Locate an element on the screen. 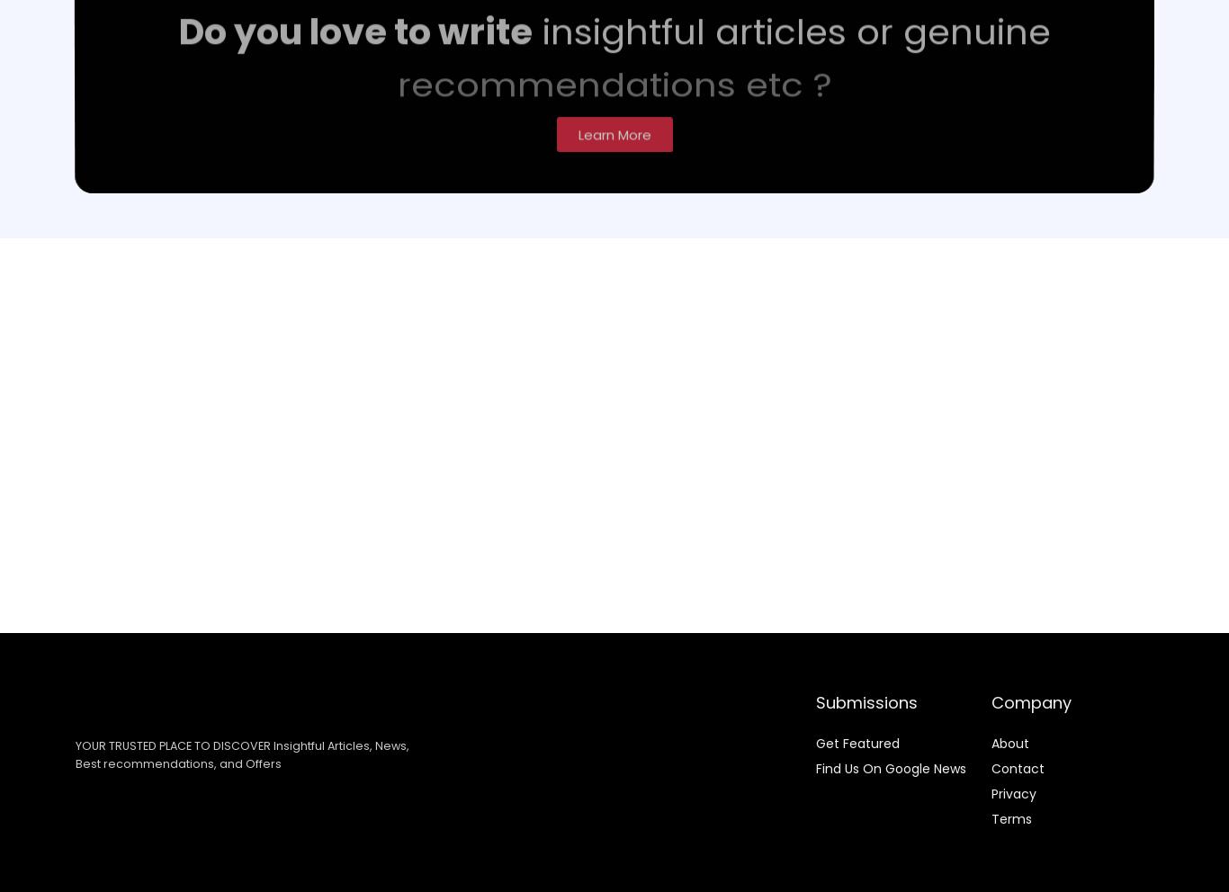  'Find Us On Google News' is located at coordinates (891, 767).